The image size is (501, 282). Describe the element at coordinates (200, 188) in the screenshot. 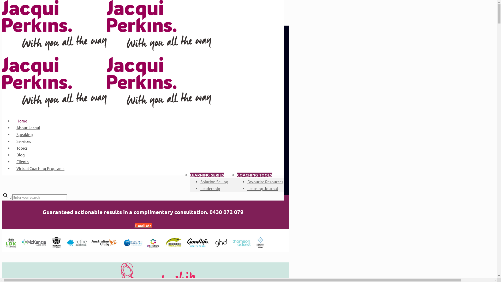

I see `'Leadership'` at that location.